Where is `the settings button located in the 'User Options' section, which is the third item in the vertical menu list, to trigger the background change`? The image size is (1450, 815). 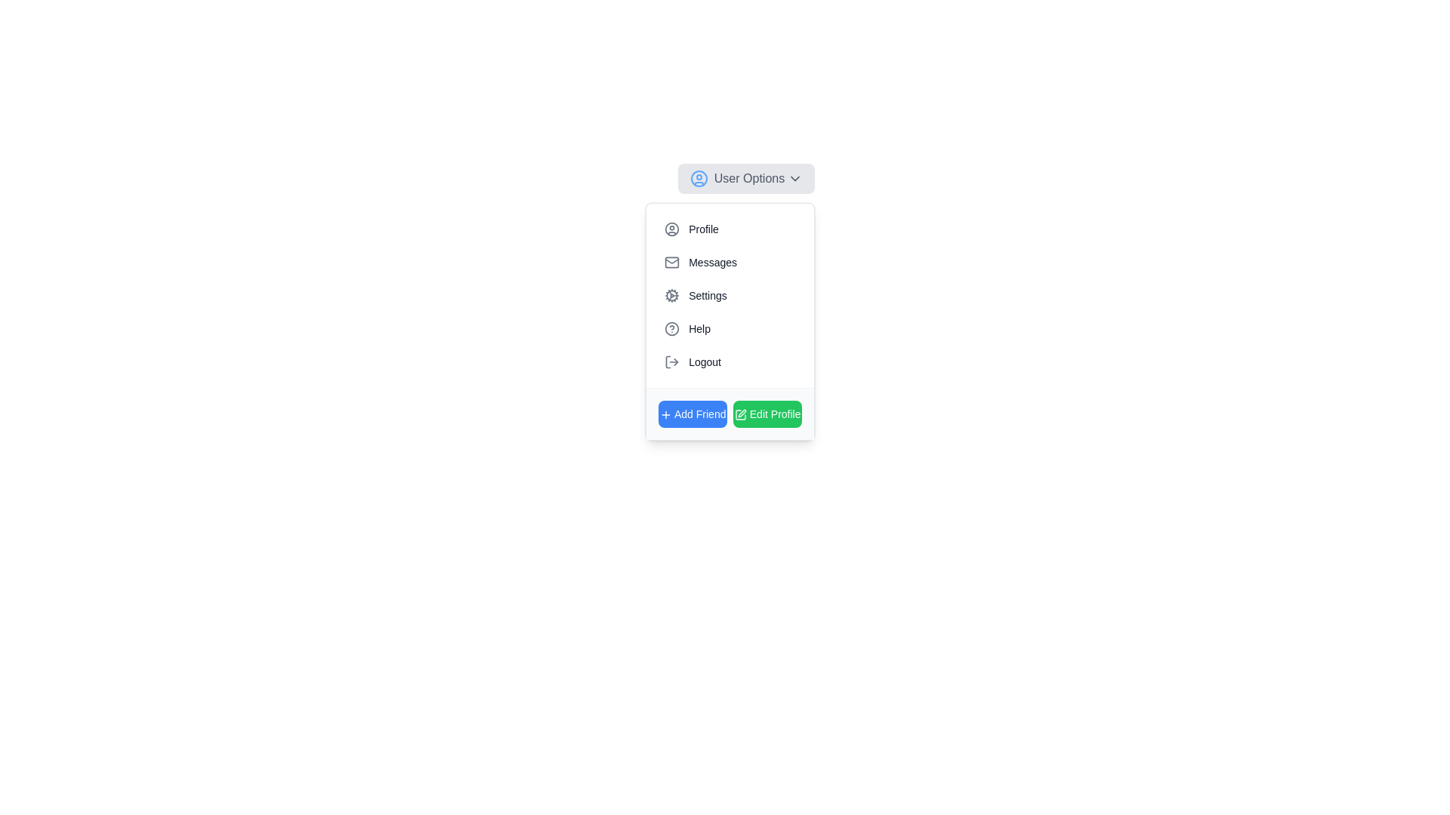 the settings button located in the 'User Options' section, which is the third item in the vertical menu list, to trigger the background change is located at coordinates (730, 296).